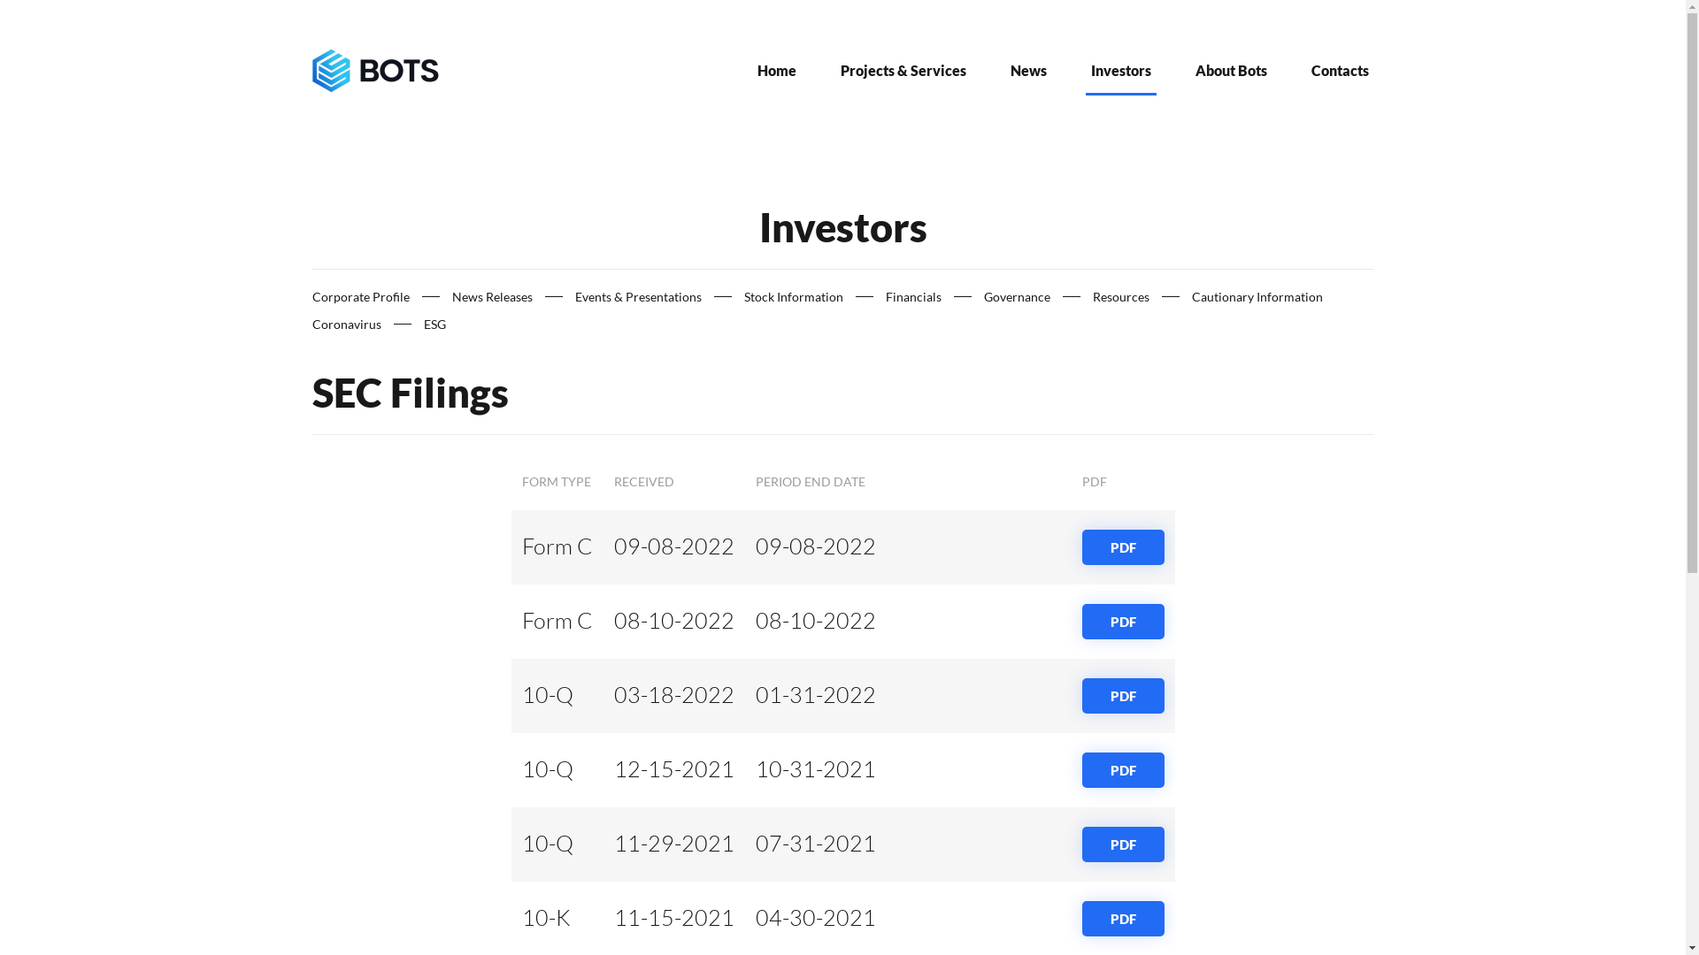 This screenshot has width=1699, height=955. Describe the element at coordinates (1229, 70) in the screenshot. I see `'About Bots'` at that location.